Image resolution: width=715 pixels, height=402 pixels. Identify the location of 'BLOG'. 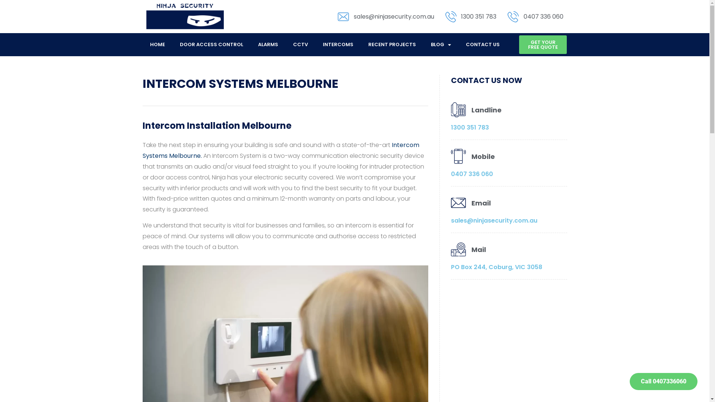
(440, 44).